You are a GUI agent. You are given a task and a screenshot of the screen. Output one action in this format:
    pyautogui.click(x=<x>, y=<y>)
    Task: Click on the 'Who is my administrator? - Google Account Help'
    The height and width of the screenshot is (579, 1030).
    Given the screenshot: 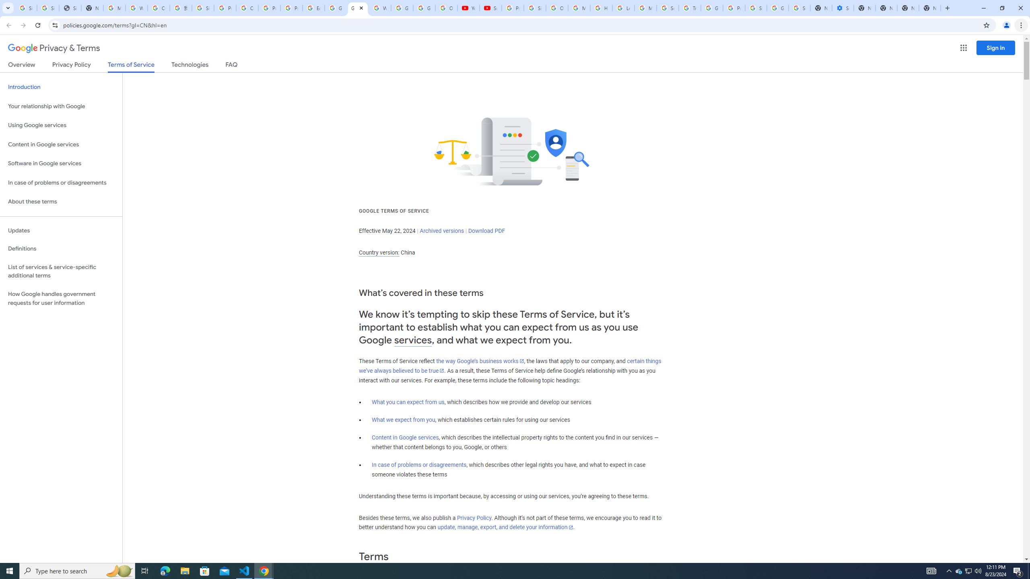 What is the action you would take?
    pyautogui.click(x=136, y=8)
    